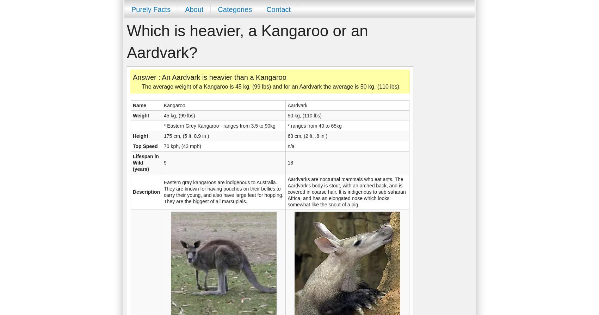  I want to click on 'Aardvarks are nocturnal mammals who eat ants. The Aardvark's body is stout, with an arched back, and is covered in coarse hair. It is indigenous to sub-saharan Africa, and has an elongated nose which looks somewhat like the snout of a pig.', so click(287, 192).